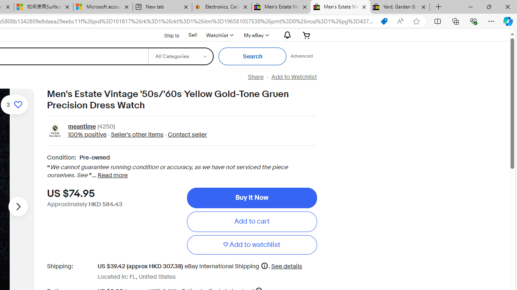  What do you see at coordinates (135, 134) in the screenshot?
I see `'  Seller'` at bounding box center [135, 134].